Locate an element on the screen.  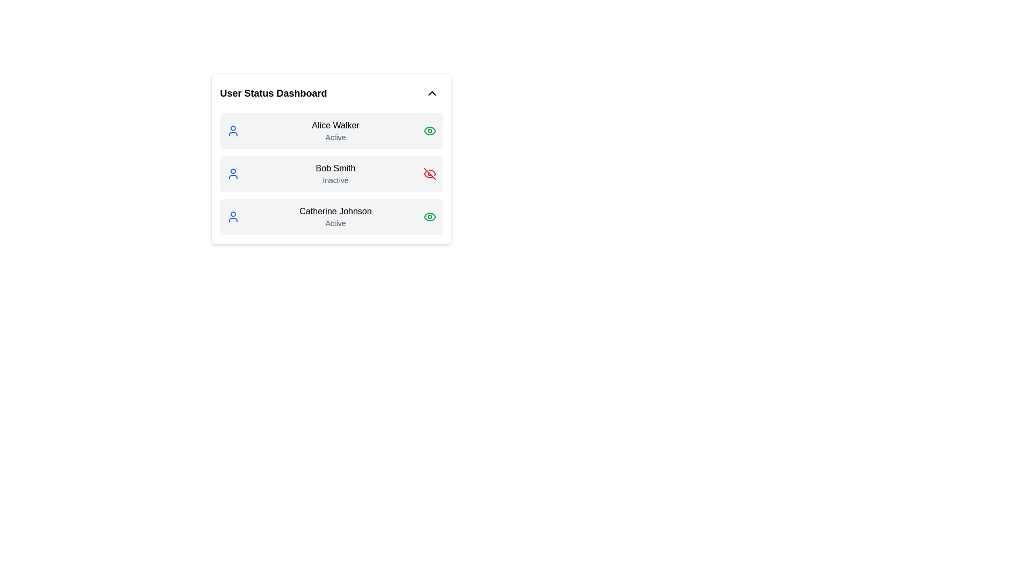
the status of the user entry for 'Bob Smith' in the User Status Dashboard to understand their activity is located at coordinates (331, 173).